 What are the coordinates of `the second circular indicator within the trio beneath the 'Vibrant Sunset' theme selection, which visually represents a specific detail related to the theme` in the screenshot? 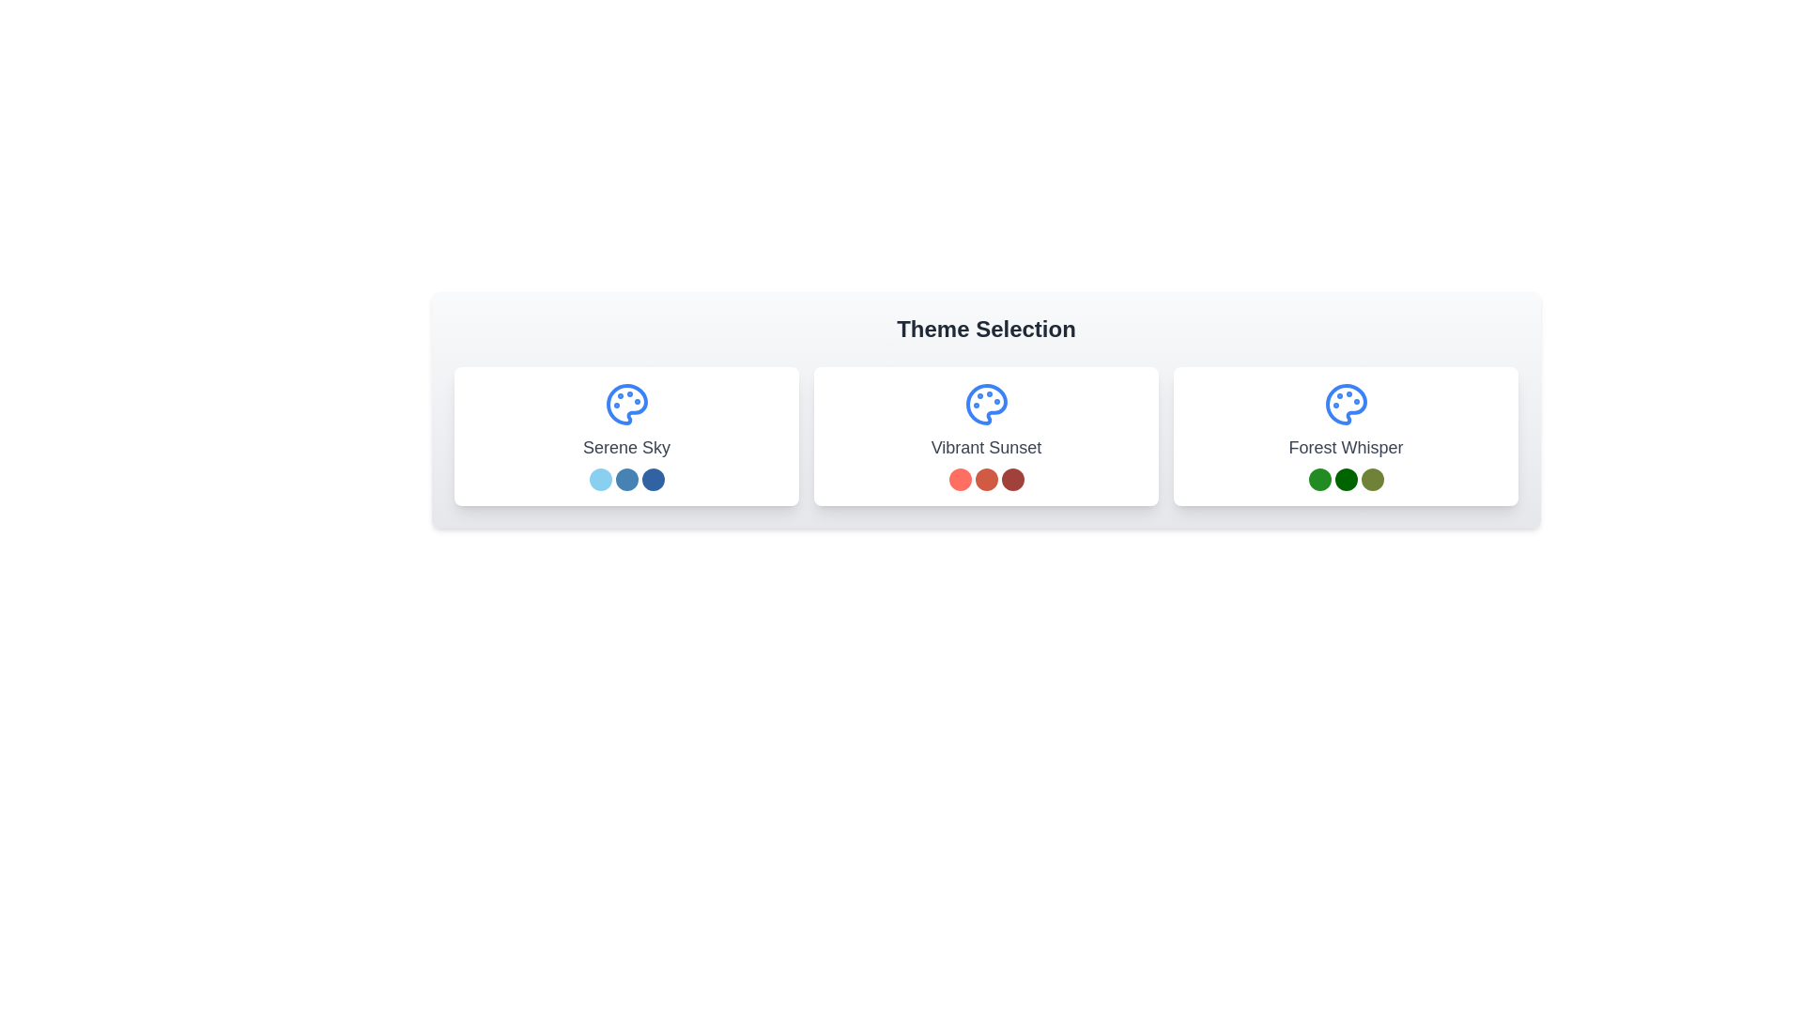 It's located at (985, 478).